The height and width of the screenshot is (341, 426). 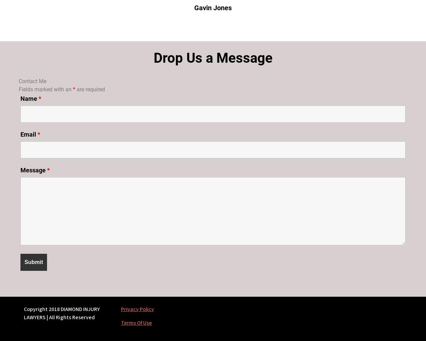 I want to click on 'Gavin Jones', so click(x=213, y=7).